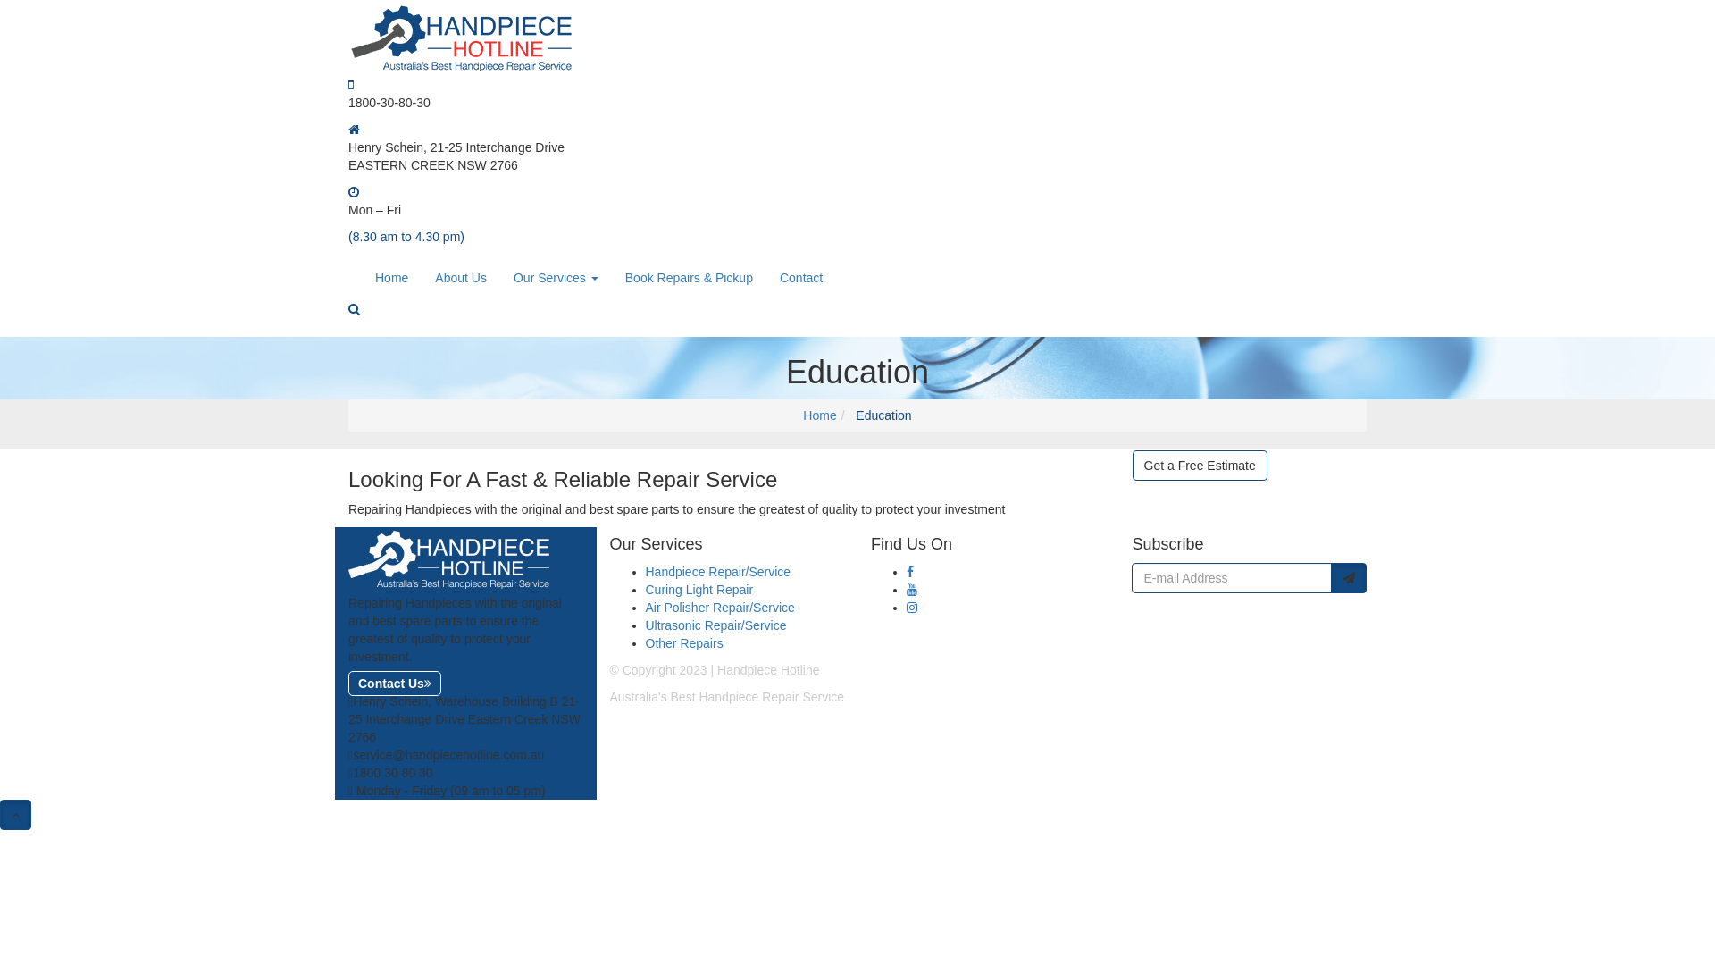 The height and width of the screenshot is (965, 1715). What do you see at coordinates (1200, 464) in the screenshot?
I see `'Get a Free Estimate'` at bounding box center [1200, 464].